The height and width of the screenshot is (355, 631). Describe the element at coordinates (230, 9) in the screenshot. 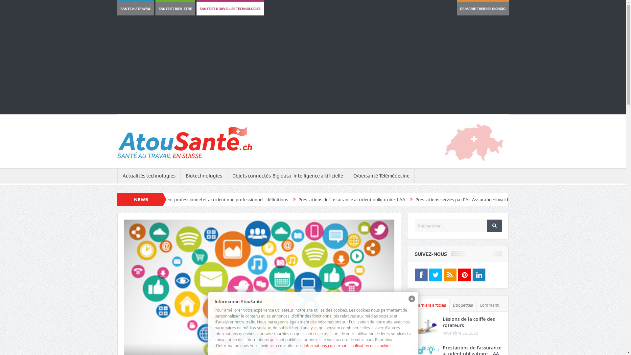

I see `'SANTE ET NOUVELLES TECHNOLOGIES'` at that location.